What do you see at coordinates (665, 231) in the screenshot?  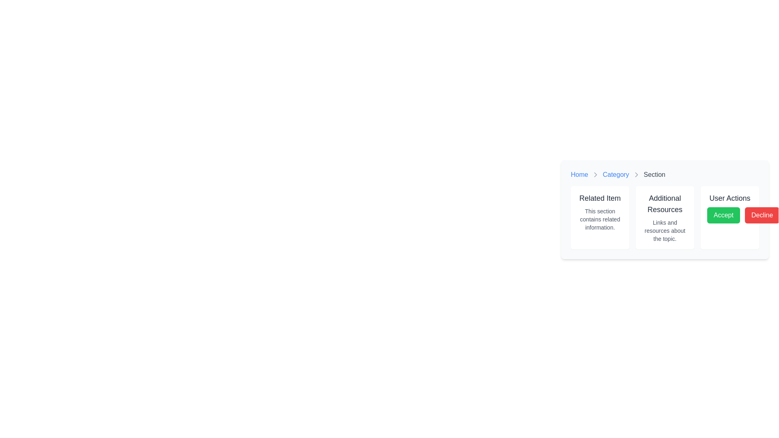 I see `the descriptive text element that provides supporting information for the 'Additional Resources' title, positioned within the corresponding card` at bounding box center [665, 231].